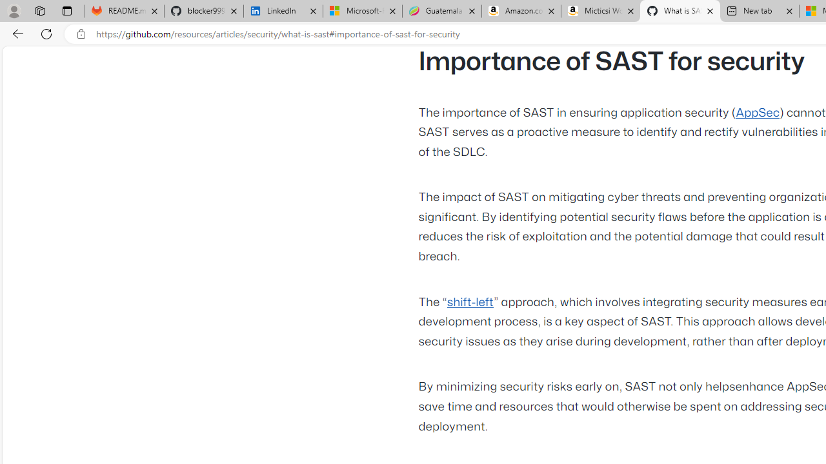 The height and width of the screenshot is (464, 826). What do you see at coordinates (283, 11) in the screenshot?
I see `'LinkedIn'` at bounding box center [283, 11].